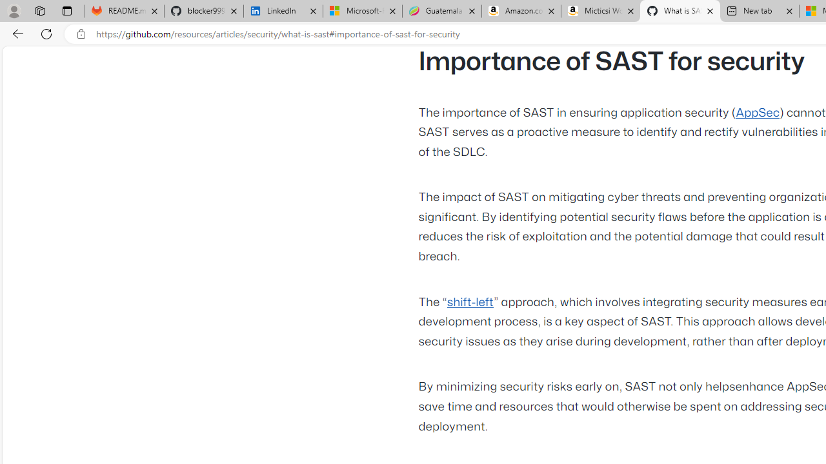 The height and width of the screenshot is (464, 826). What do you see at coordinates (283, 11) in the screenshot?
I see `'LinkedIn'` at bounding box center [283, 11].